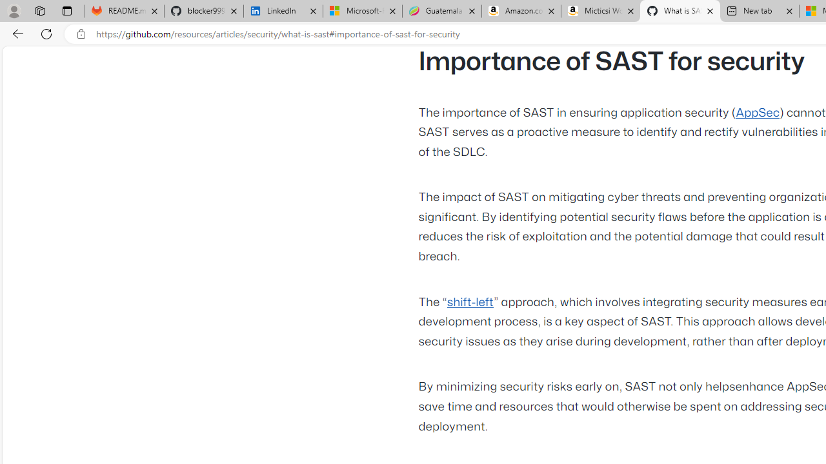 The height and width of the screenshot is (464, 826). What do you see at coordinates (283, 11) in the screenshot?
I see `'LinkedIn'` at bounding box center [283, 11].